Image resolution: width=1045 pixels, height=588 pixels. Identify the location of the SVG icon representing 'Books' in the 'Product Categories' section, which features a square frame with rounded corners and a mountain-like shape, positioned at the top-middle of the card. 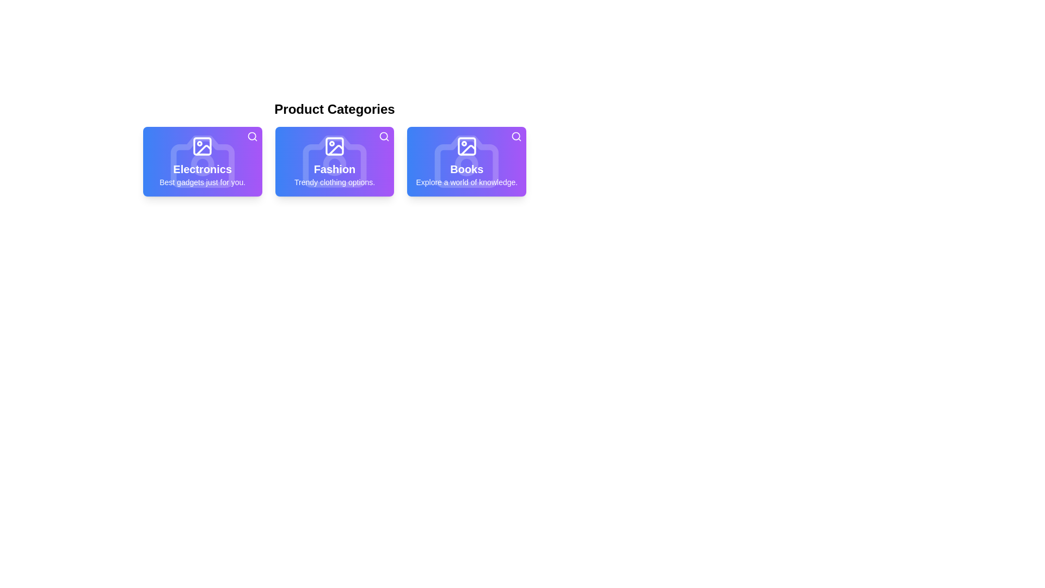
(466, 146).